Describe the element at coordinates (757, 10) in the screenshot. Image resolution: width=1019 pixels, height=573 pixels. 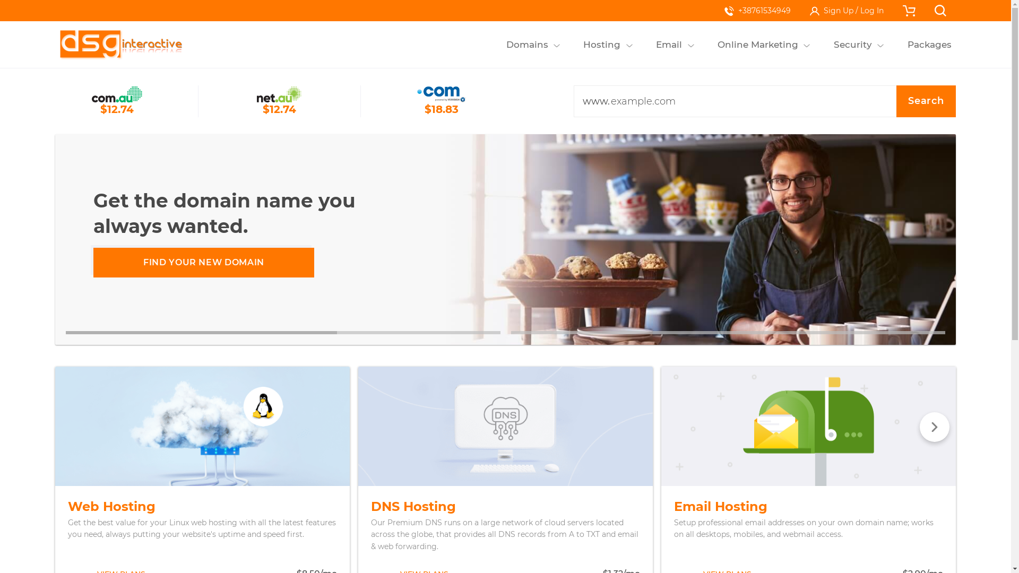
I see `'+38761534949'` at that location.